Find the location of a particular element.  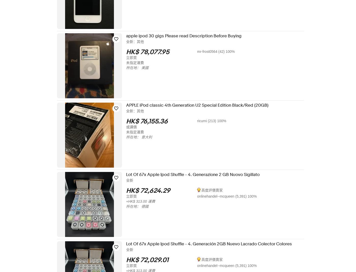

'Lot Of 67x Apple Ipod Shuffle - 4. Generazione 2 GB Nuovo Sigillato' is located at coordinates (196, 174).